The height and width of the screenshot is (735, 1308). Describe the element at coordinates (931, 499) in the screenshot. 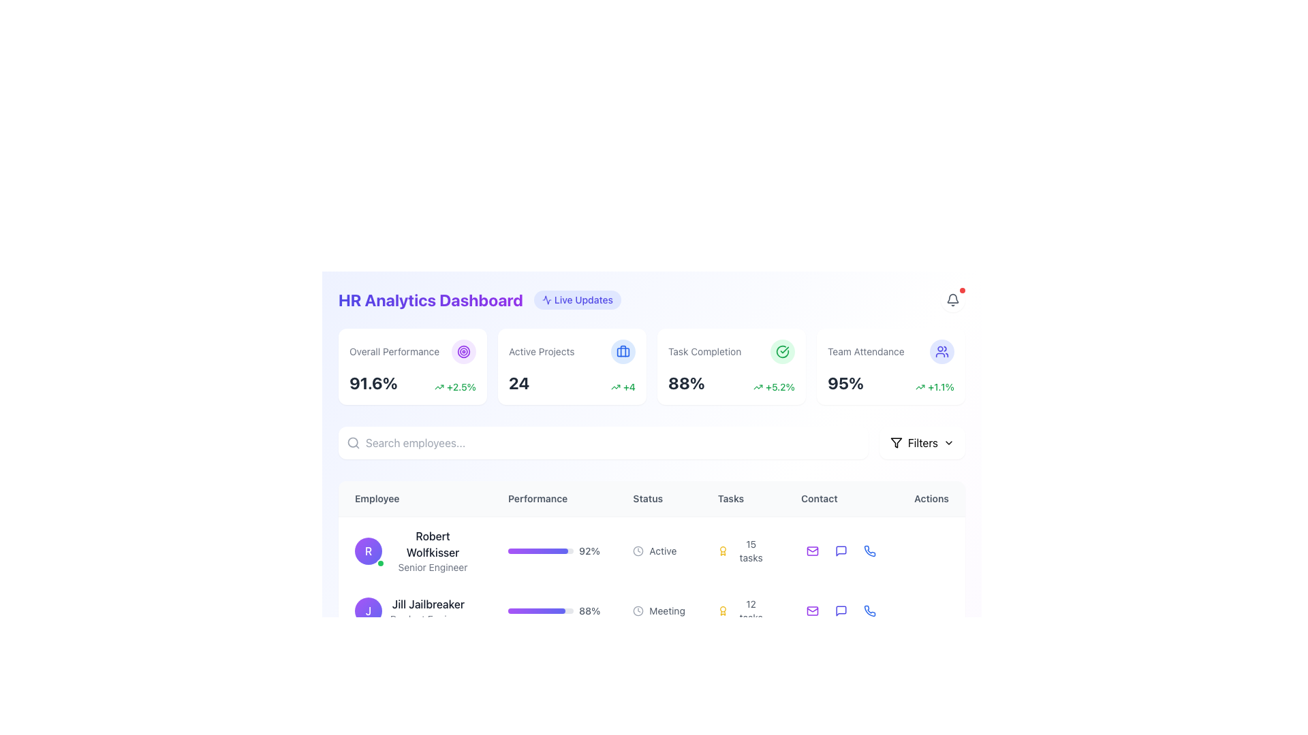

I see `the 'Actions' text label in the top-right corner of the header row of the table, which is the last column after 'Contact'` at that location.